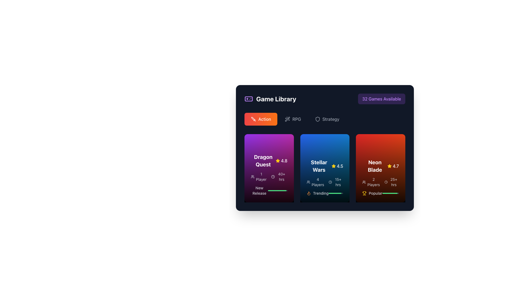 Image resolution: width=513 pixels, height=288 pixels. I want to click on the 'Dragon Quest' card component, so click(269, 168).